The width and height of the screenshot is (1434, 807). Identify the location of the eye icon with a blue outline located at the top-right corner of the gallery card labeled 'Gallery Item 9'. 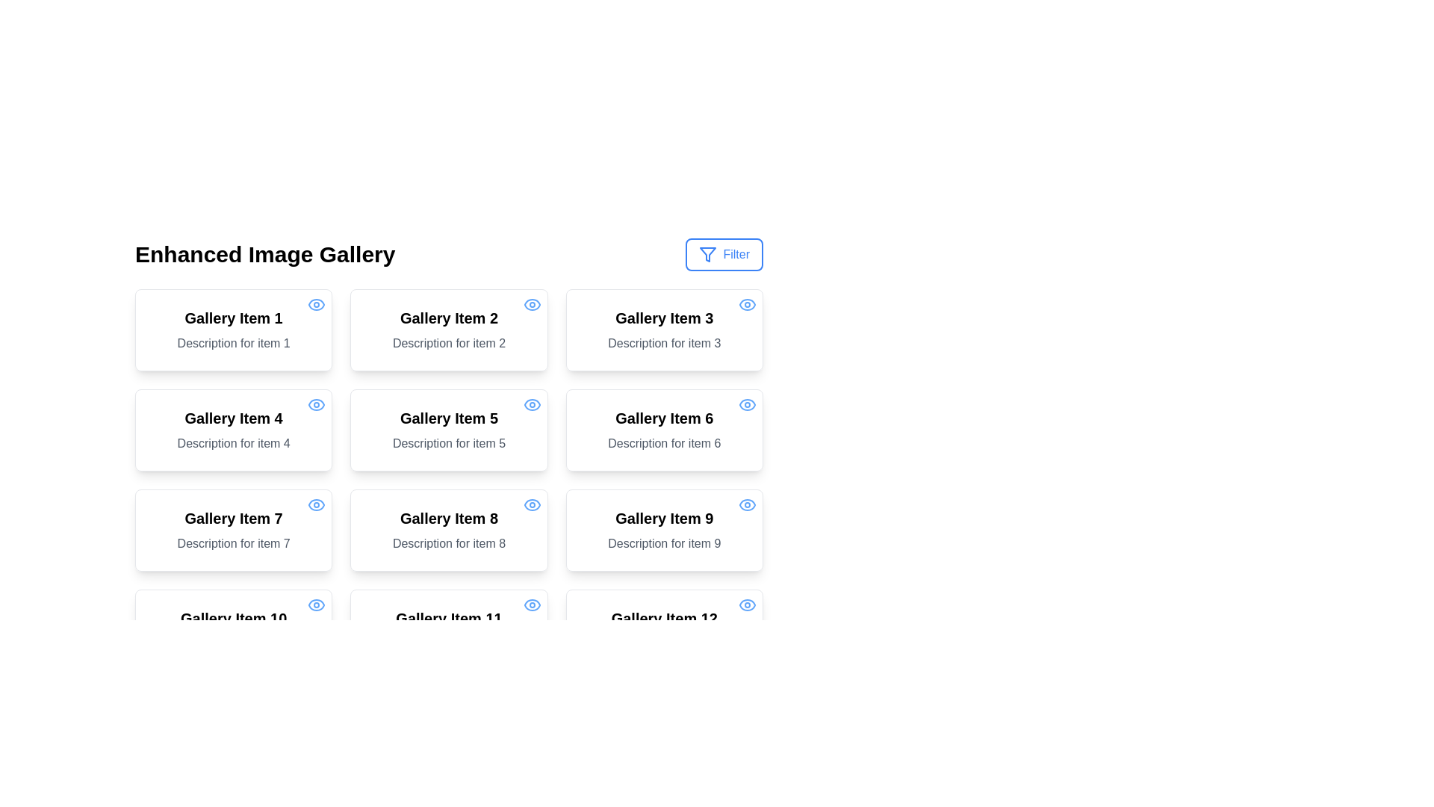
(748, 504).